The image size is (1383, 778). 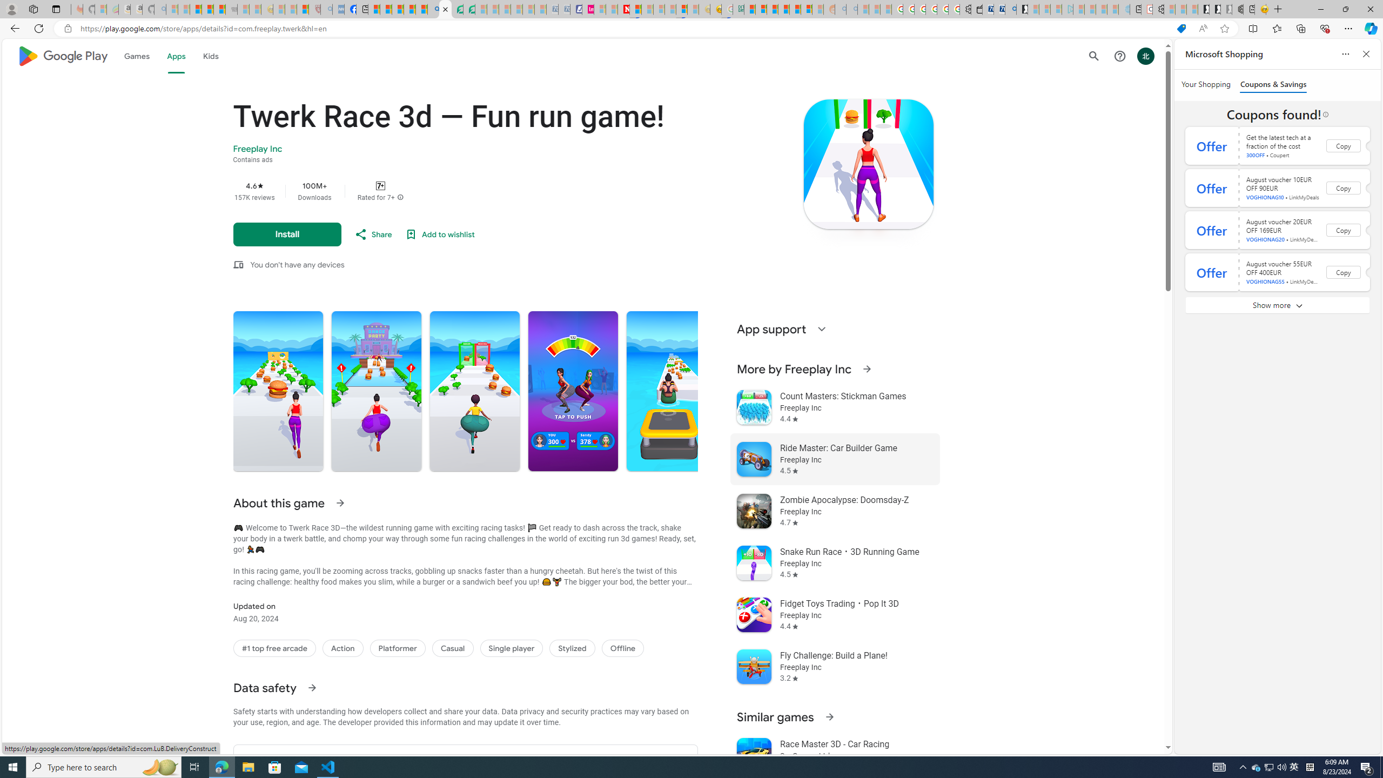 I want to click on 'Offline', so click(x=623, y=648).